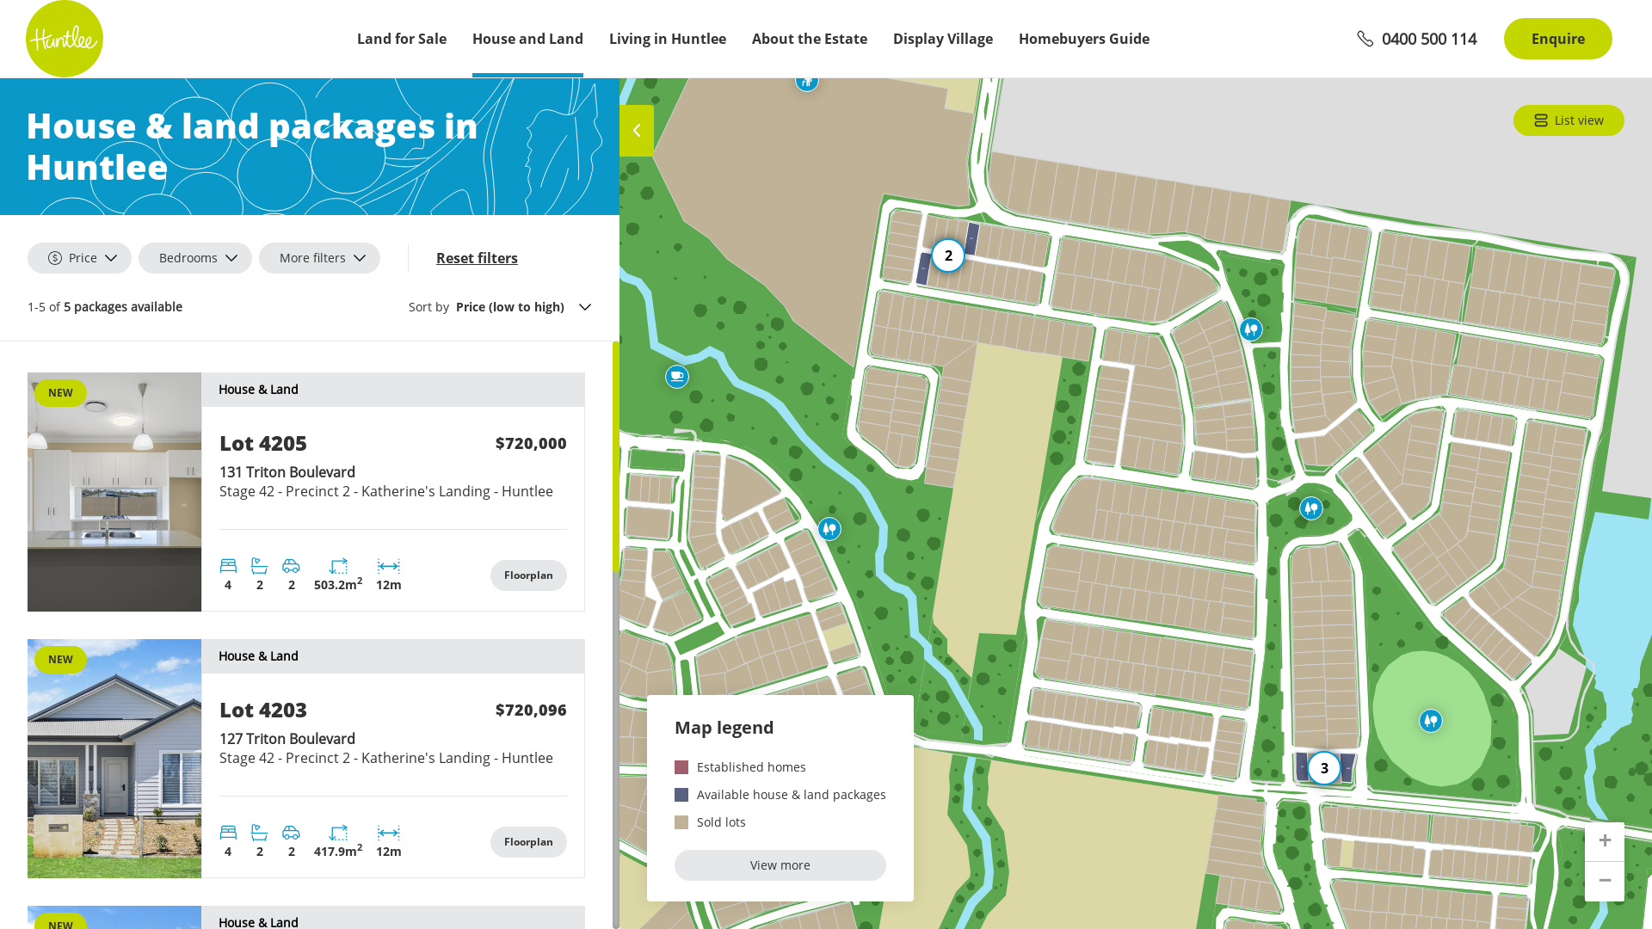 The width and height of the screenshot is (1652, 929). Describe the element at coordinates (527, 575) in the screenshot. I see `'Floorplan'` at that location.